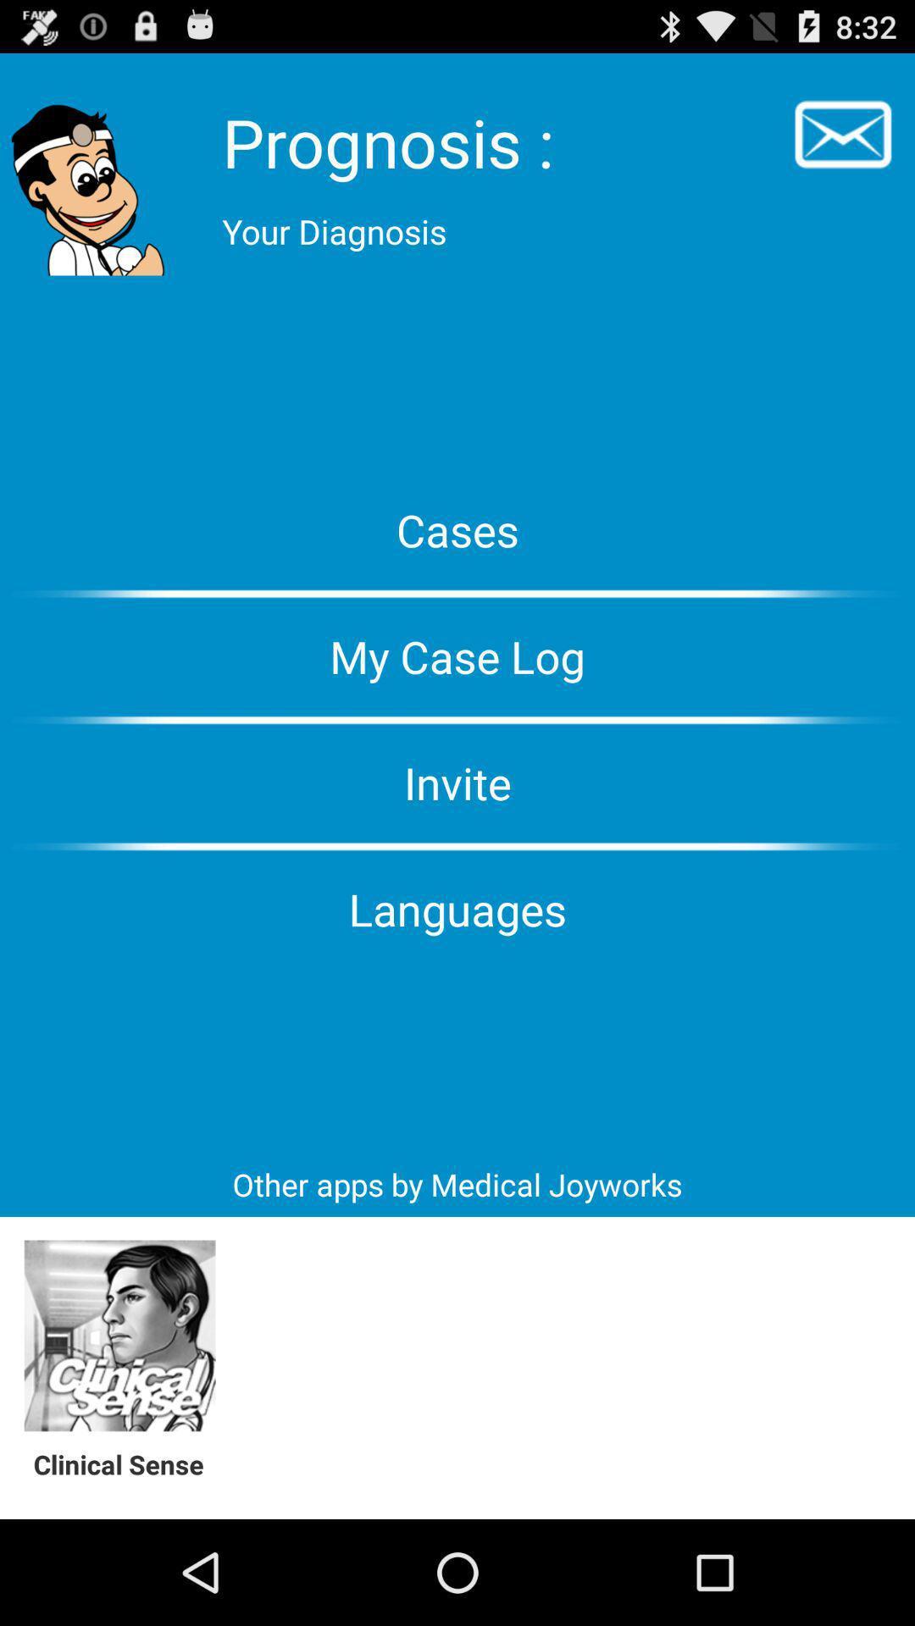 Image resolution: width=915 pixels, height=1626 pixels. I want to click on the cases button, so click(457, 528).